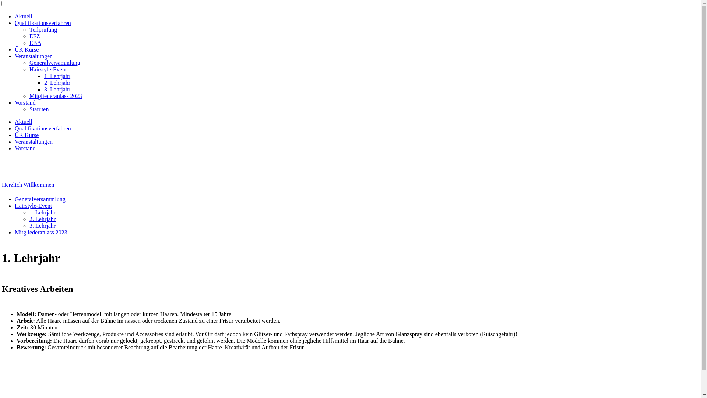 This screenshot has height=398, width=707. I want to click on '3. Lehrjahr', so click(42, 225).